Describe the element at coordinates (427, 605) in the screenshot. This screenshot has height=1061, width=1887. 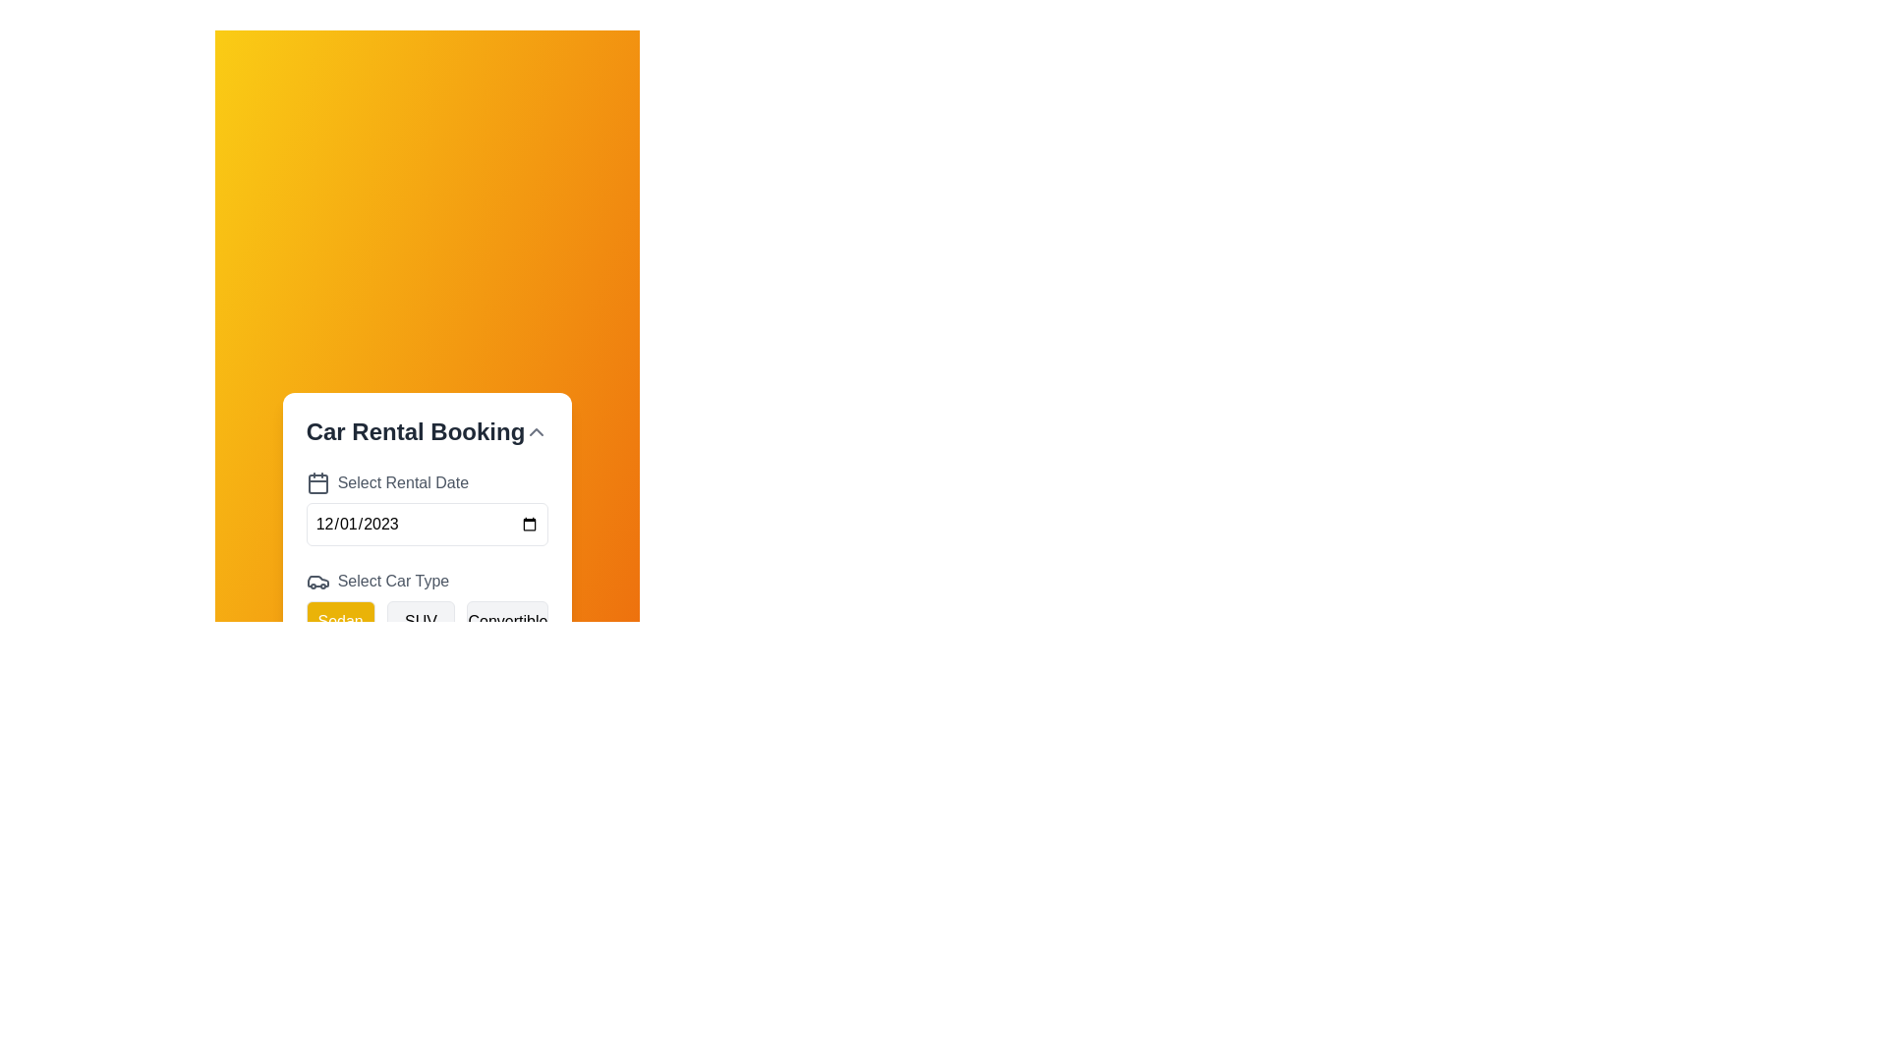
I see `the 'Select Car Type' section to choose a car type from the options available: 'Sedan', 'SUV', or 'Convertible'` at that location.